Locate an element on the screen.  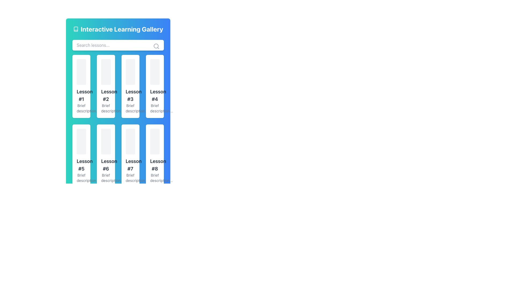
the circular part of the search icon within the SVG graphic, located at the right end of the search bar area is located at coordinates (156, 46).